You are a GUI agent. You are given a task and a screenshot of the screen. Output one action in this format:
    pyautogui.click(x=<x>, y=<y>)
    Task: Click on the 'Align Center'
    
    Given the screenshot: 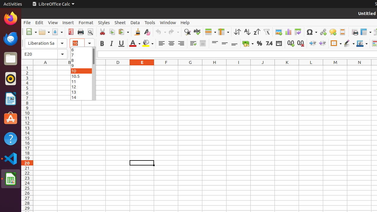 What is the action you would take?
    pyautogui.click(x=171, y=43)
    